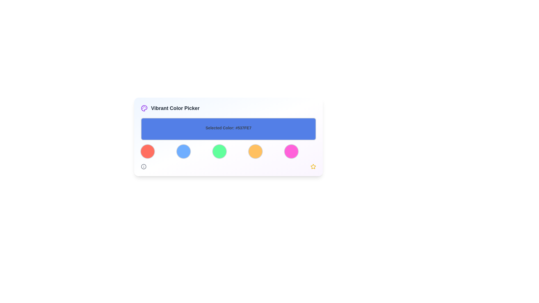 This screenshot has width=539, height=303. What do you see at coordinates (229, 138) in the screenshot?
I see `the Informational Display area with a blue background and dark gray text that reads 'Selected Color: #537FE7', located in the 'Vibrant Color Picker' component` at bounding box center [229, 138].